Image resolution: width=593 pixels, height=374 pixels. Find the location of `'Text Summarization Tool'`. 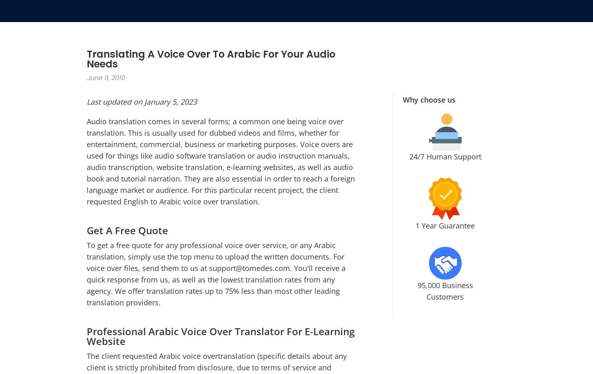

'Text Summarization Tool' is located at coordinates (234, 308).